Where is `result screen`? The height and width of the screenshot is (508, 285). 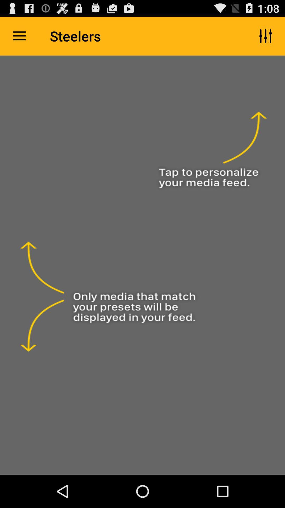
result screen is located at coordinates (142, 265).